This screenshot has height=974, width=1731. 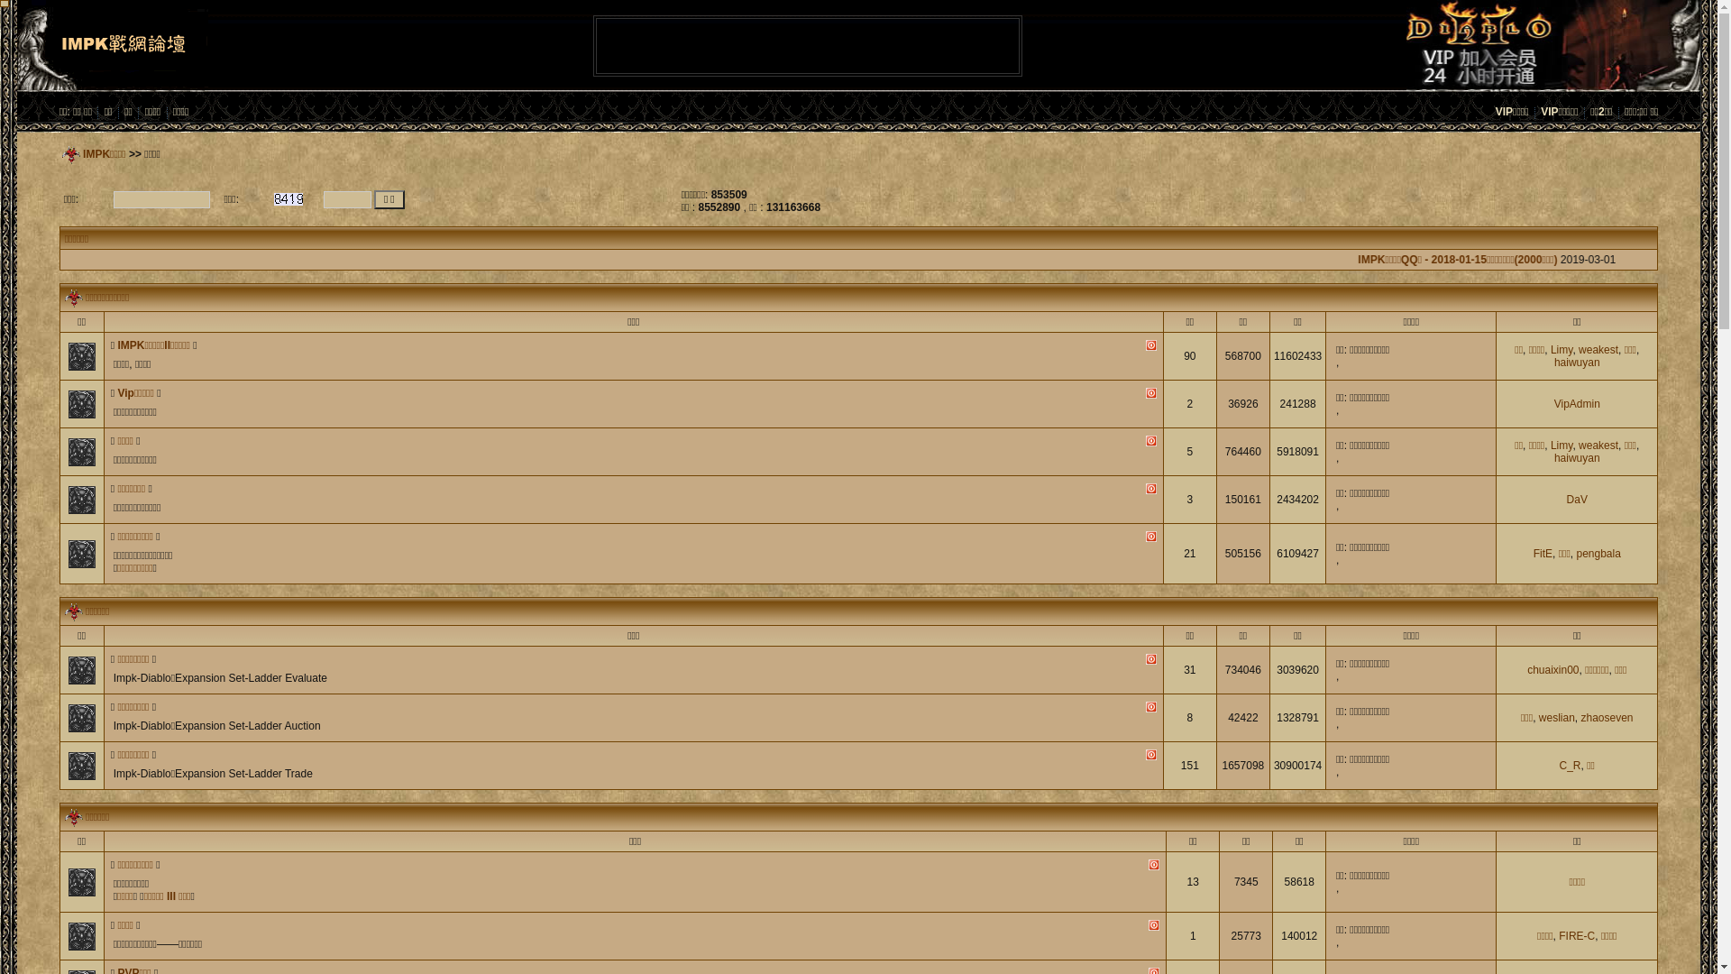 I want to click on 'pengbala', so click(x=1598, y=552).